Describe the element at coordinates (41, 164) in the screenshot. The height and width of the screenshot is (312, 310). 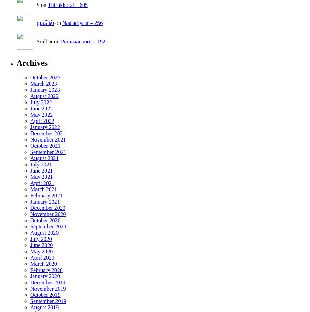
I see `'July 2021'` at that location.